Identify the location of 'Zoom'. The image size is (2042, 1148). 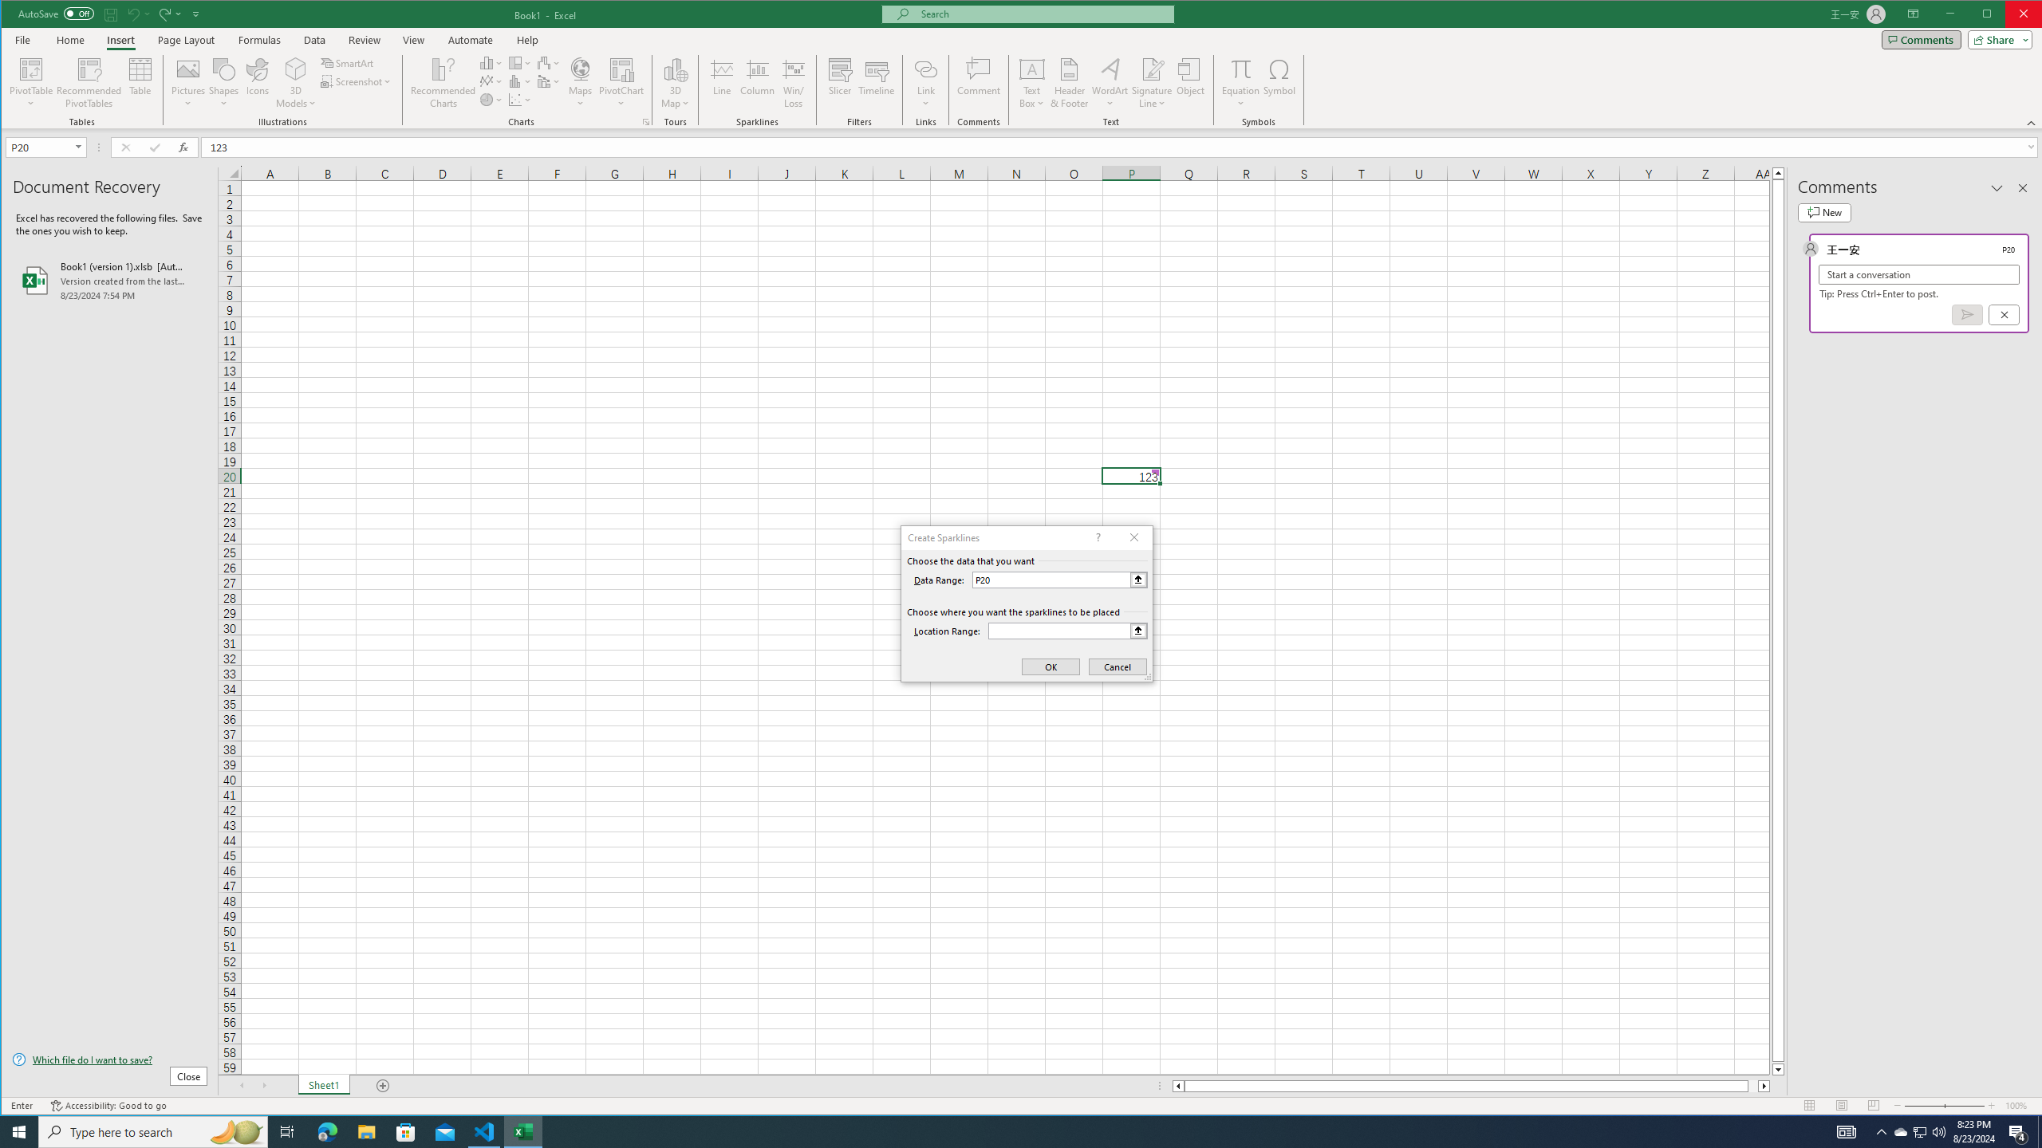
(1944, 1105).